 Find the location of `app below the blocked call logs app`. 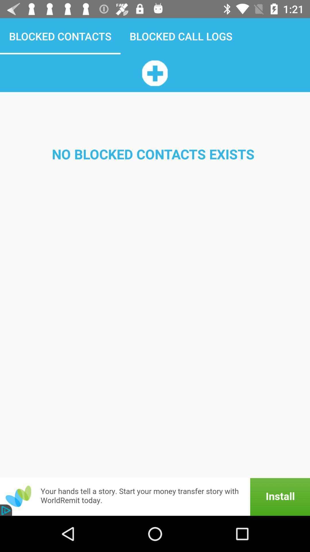

app below the blocked call logs app is located at coordinates (154, 73).